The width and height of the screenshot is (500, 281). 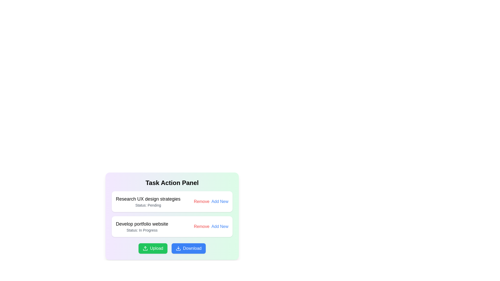 What do you see at coordinates (178, 248) in the screenshot?
I see `the download icon, which is a blue and white downward arrow located to the left of the 'Download' button at the lower right of the task panel interface` at bounding box center [178, 248].